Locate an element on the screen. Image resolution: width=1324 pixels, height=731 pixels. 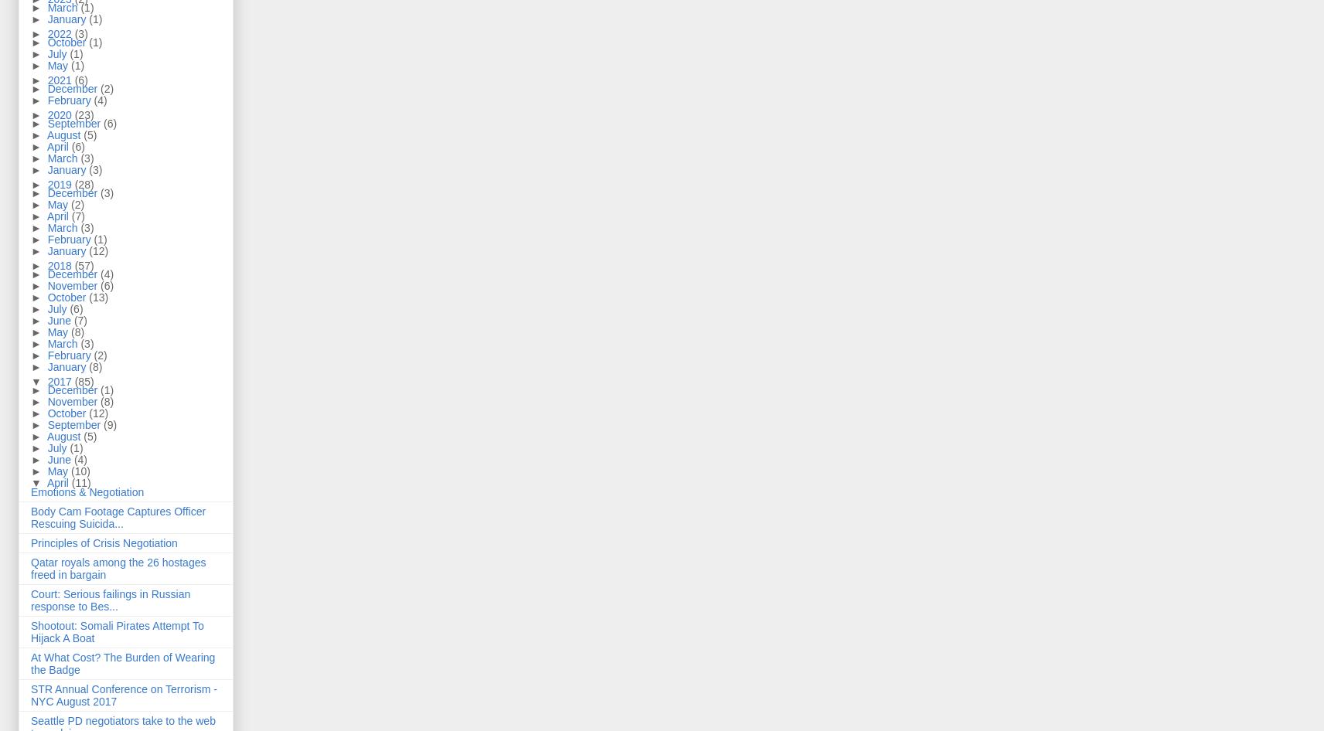
'Court: Serious failings in Russian response to Bes...' is located at coordinates (109, 599).